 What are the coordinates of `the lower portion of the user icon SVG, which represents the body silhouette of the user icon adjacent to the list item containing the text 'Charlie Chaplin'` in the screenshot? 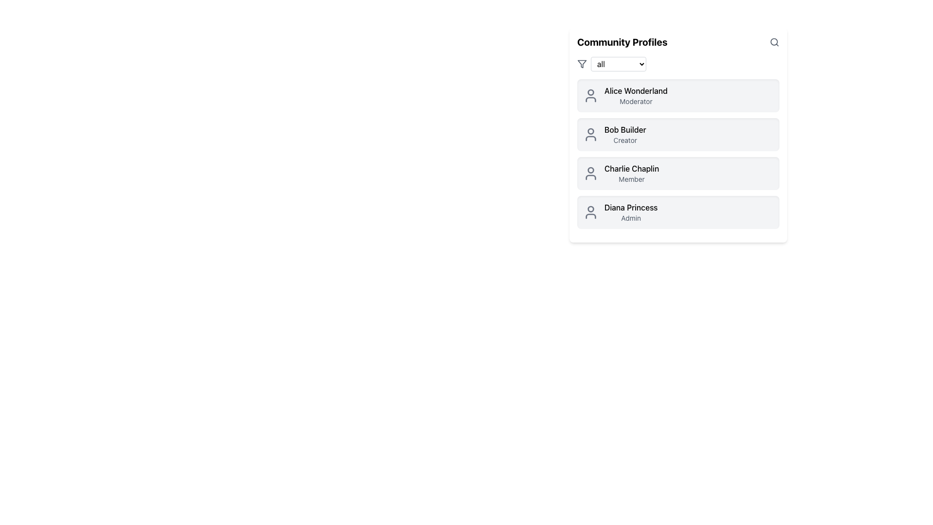 It's located at (590, 177).